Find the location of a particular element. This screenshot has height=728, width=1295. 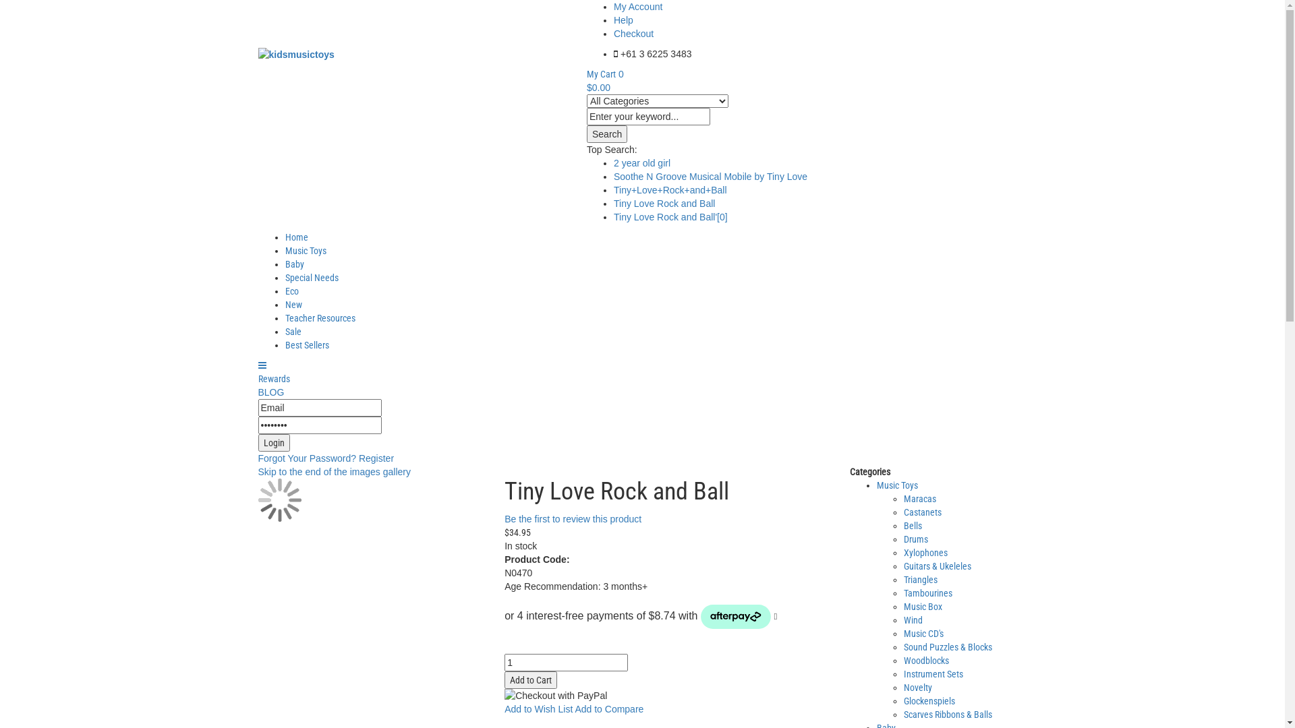

'Tiny+Love+Rock+and+Ball' is located at coordinates (670, 189).